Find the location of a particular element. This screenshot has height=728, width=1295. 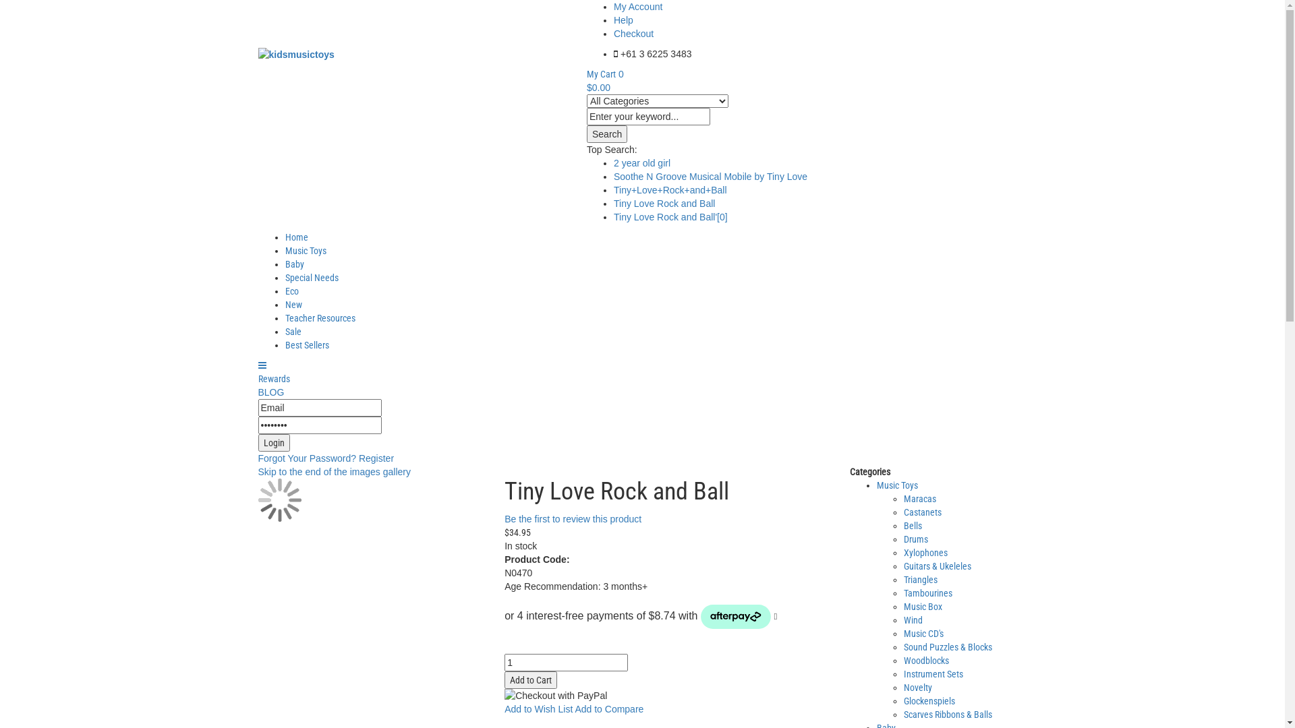

'Tiny+Love+Rock+and+Ball' is located at coordinates (670, 189).